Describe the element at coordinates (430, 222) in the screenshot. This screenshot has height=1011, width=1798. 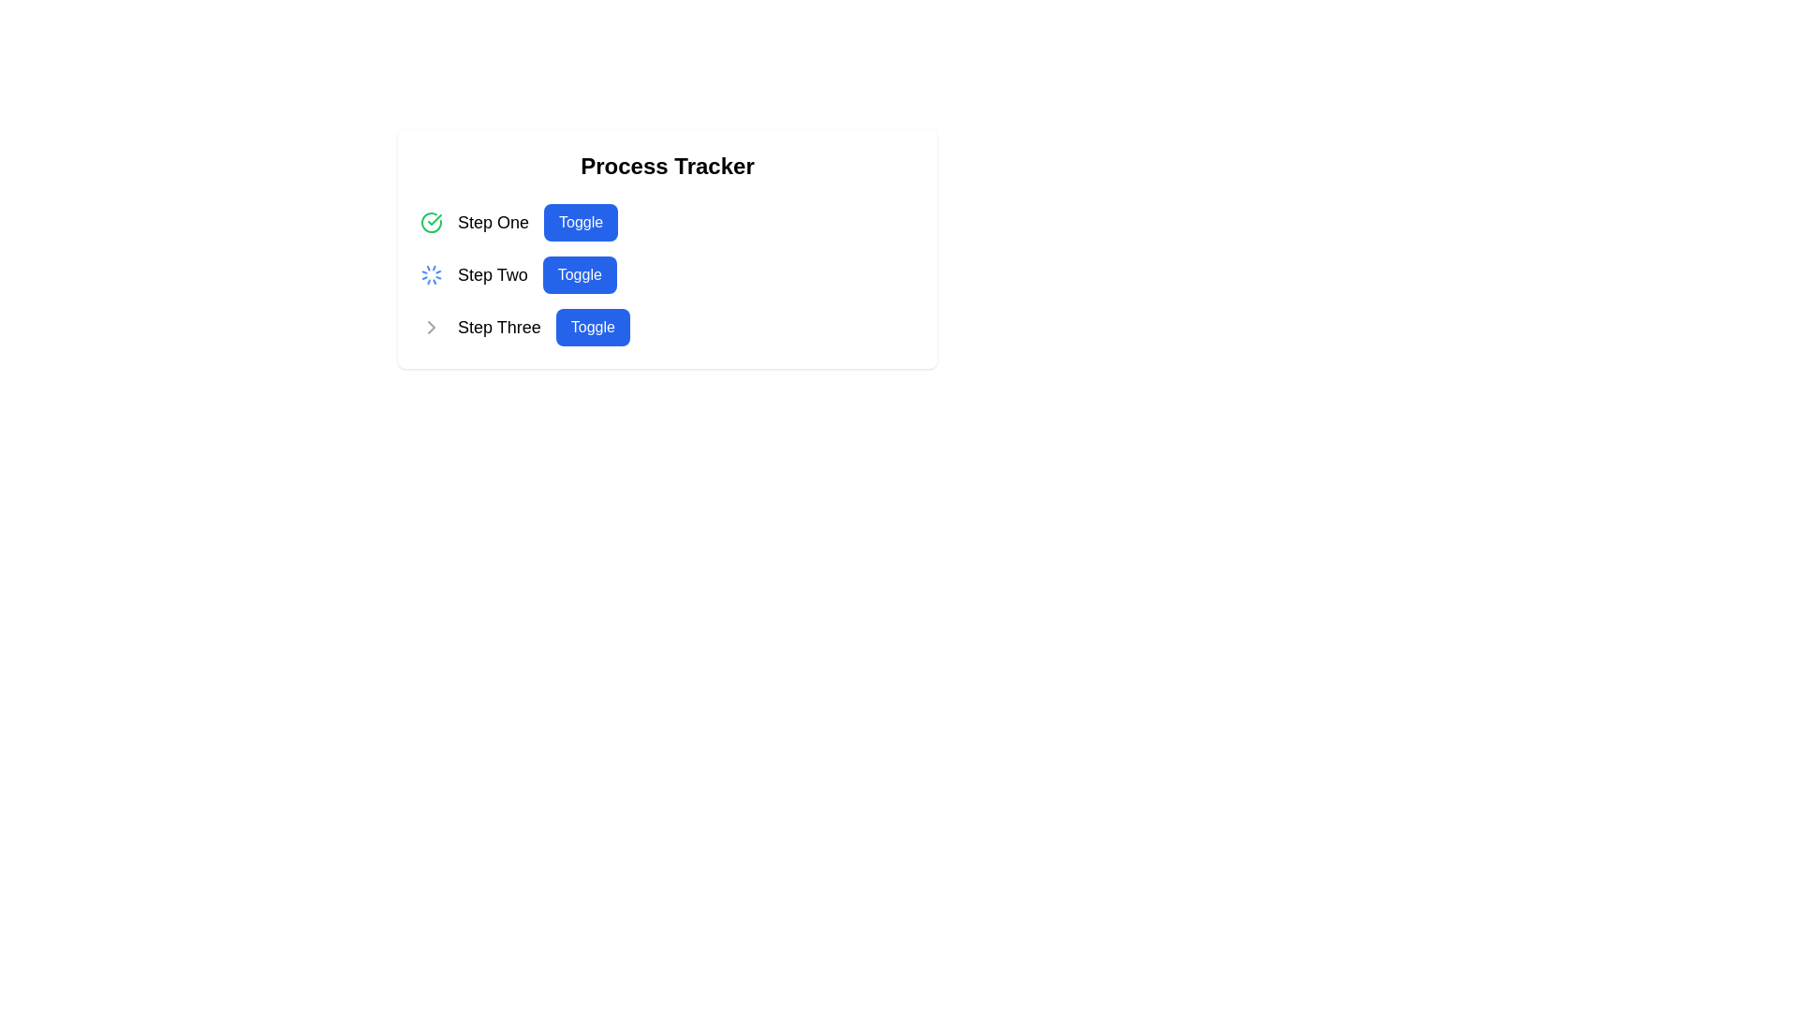
I see `the completion icon located at the leftmost part of the 'Step One' row, adjacent to the step's title` at that location.